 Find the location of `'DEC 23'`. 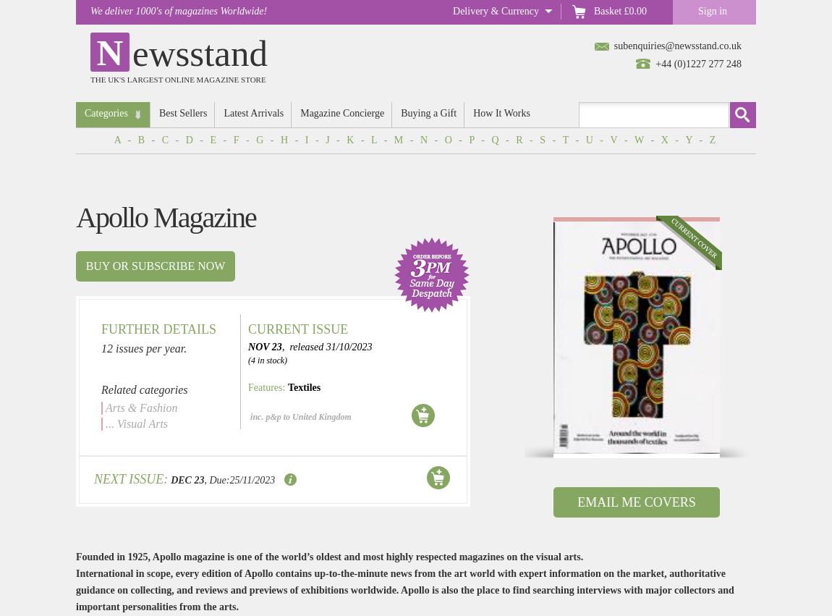

'DEC 23' is located at coordinates (186, 480).